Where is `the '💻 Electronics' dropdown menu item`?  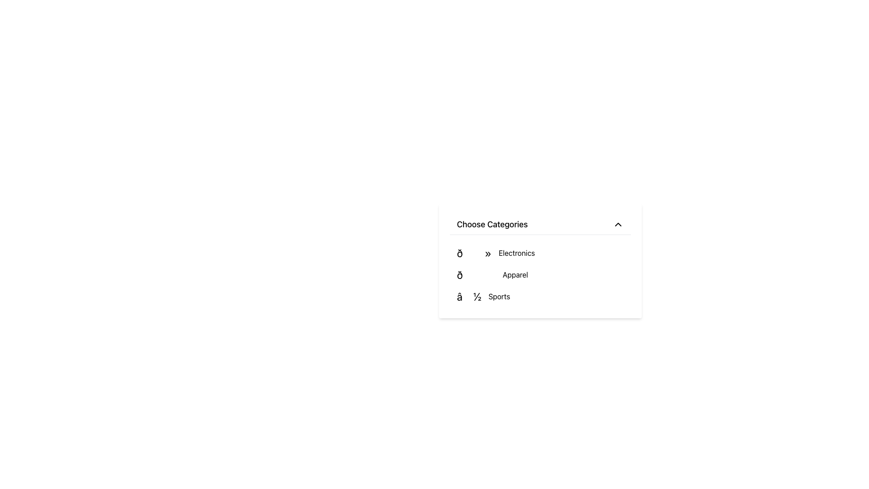 the '💻 Electronics' dropdown menu item is located at coordinates (495, 253).